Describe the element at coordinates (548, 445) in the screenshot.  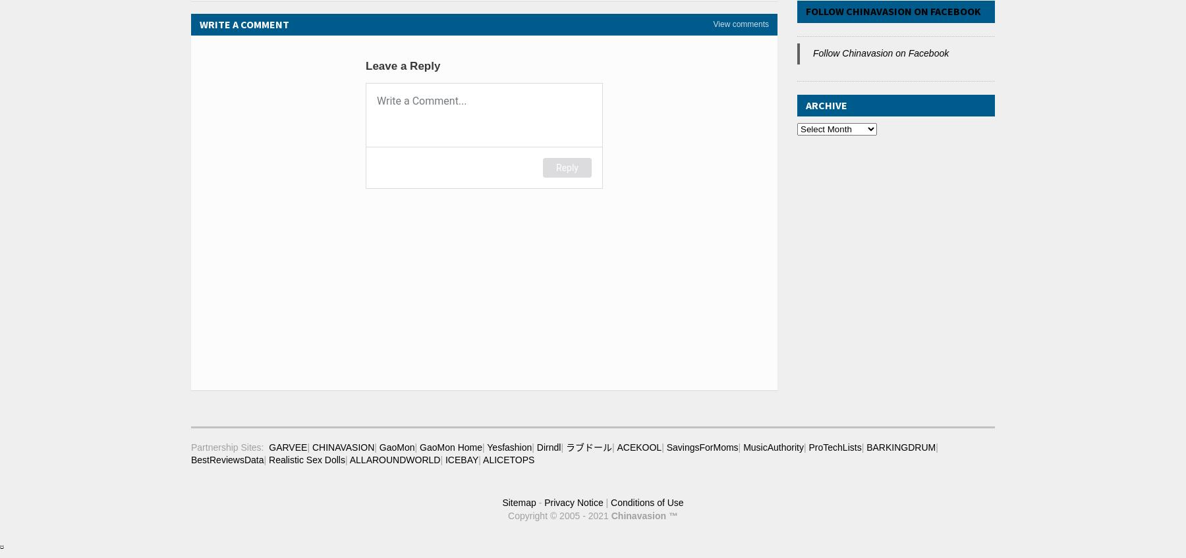
I see `'Dirndl'` at that location.